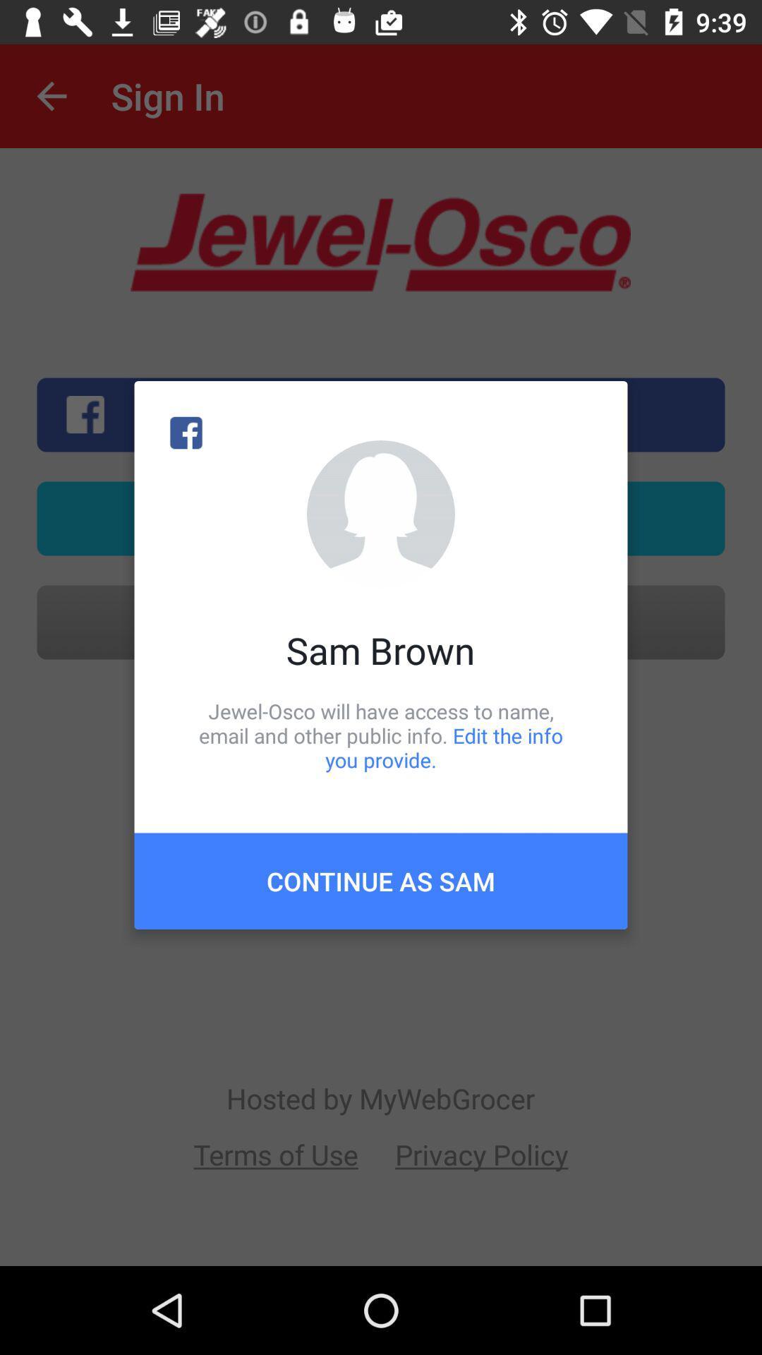 This screenshot has width=762, height=1355. I want to click on the icon above continue as sam item, so click(381, 735).